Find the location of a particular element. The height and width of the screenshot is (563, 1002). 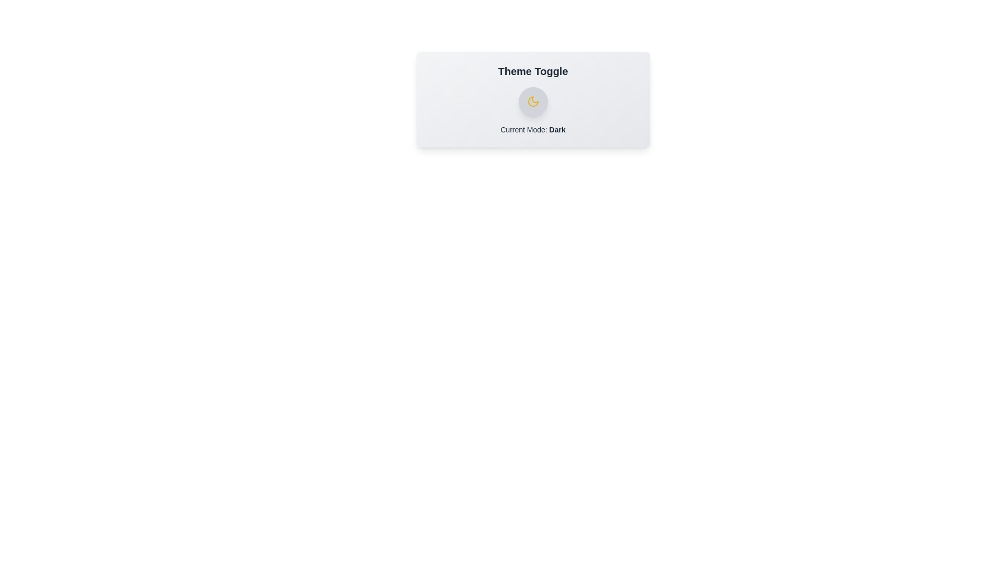

the theme toggle button to switch the theme is located at coordinates (533, 102).